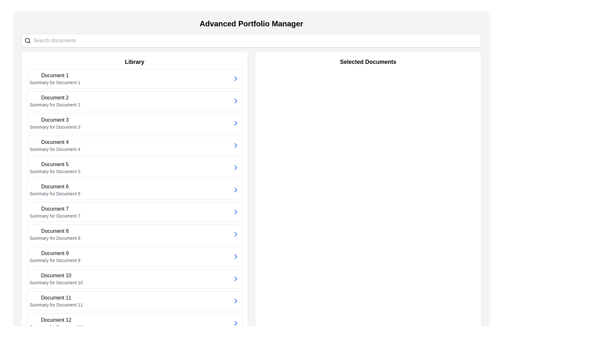  Describe the element at coordinates (55, 260) in the screenshot. I see `the text label displaying 'Summary for Document 9', which is located beneath the heading 'Document 9' in a card-like group` at that location.